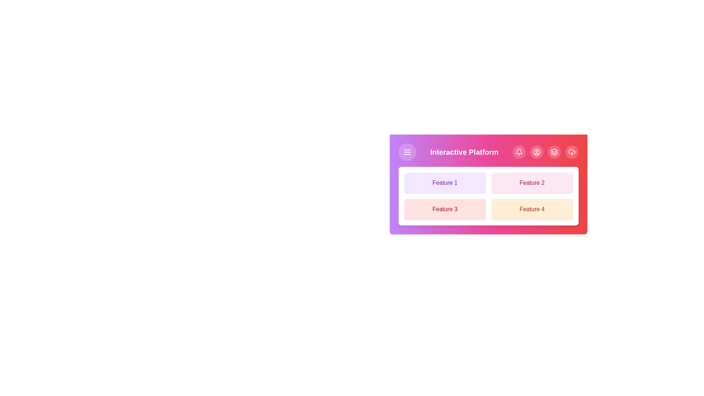 The width and height of the screenshot is (704, 396). Describe the element at coordinates (532, 182) in the screenshot. I see `the feature button corresponding to Feature 2` at that location.